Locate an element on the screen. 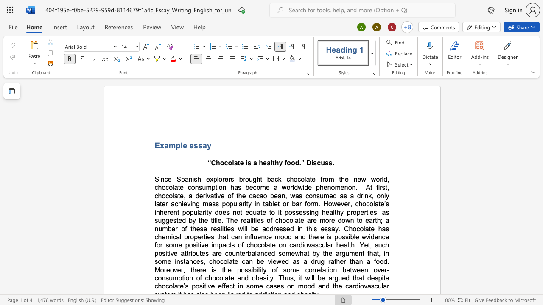  the space between the continuous character "t" and "h" in the text is located at coordinates (341, 179).